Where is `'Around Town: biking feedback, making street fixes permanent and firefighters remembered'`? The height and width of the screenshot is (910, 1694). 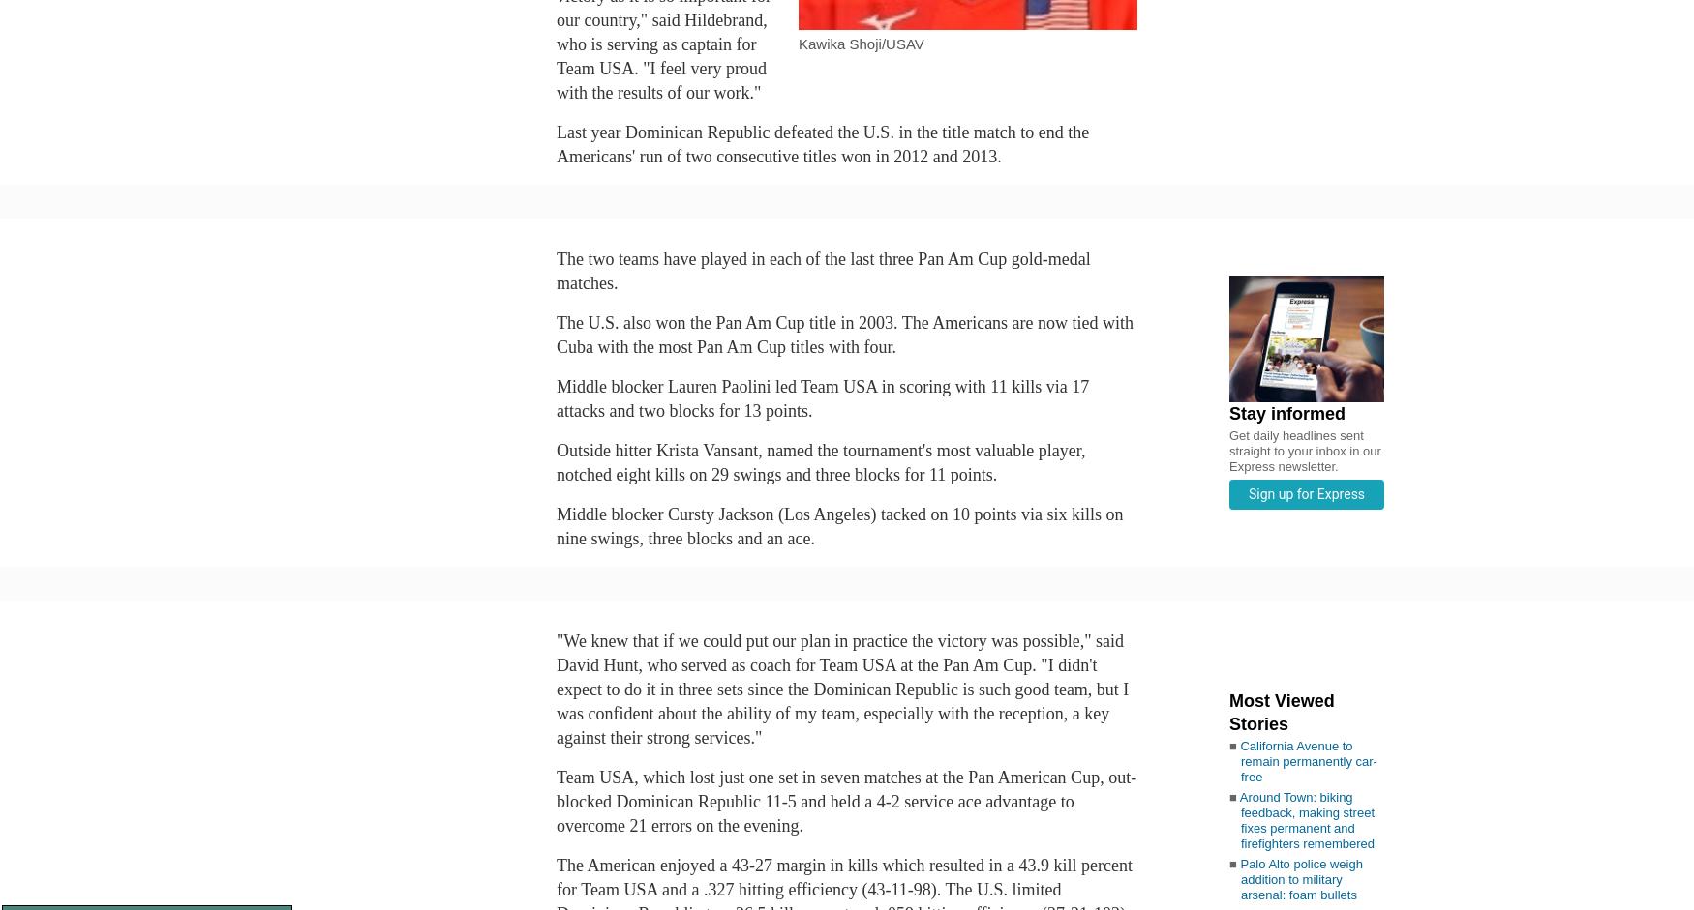 'Around Town: biking feedback, making street fixes permanent and firefighters remembered' is located at coordinates (1306, 818).